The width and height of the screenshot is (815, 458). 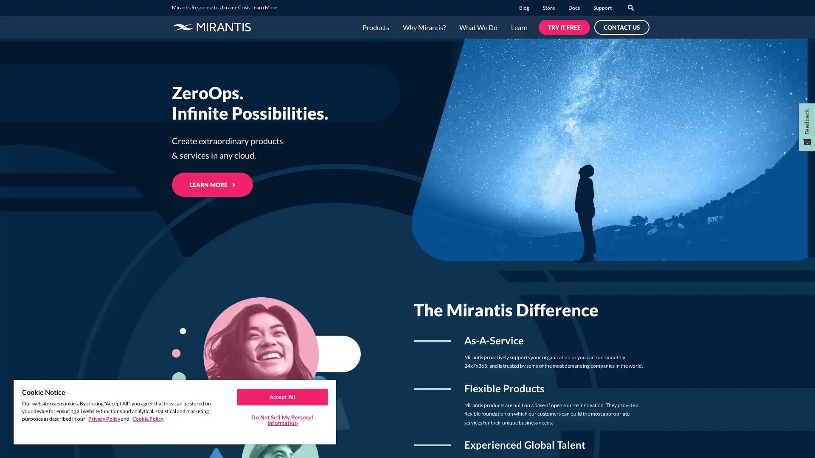 What do you see at coordinates (424, 27) in the screenshot?
I see `Why Mirantis?` at bounding box center [424, 27].